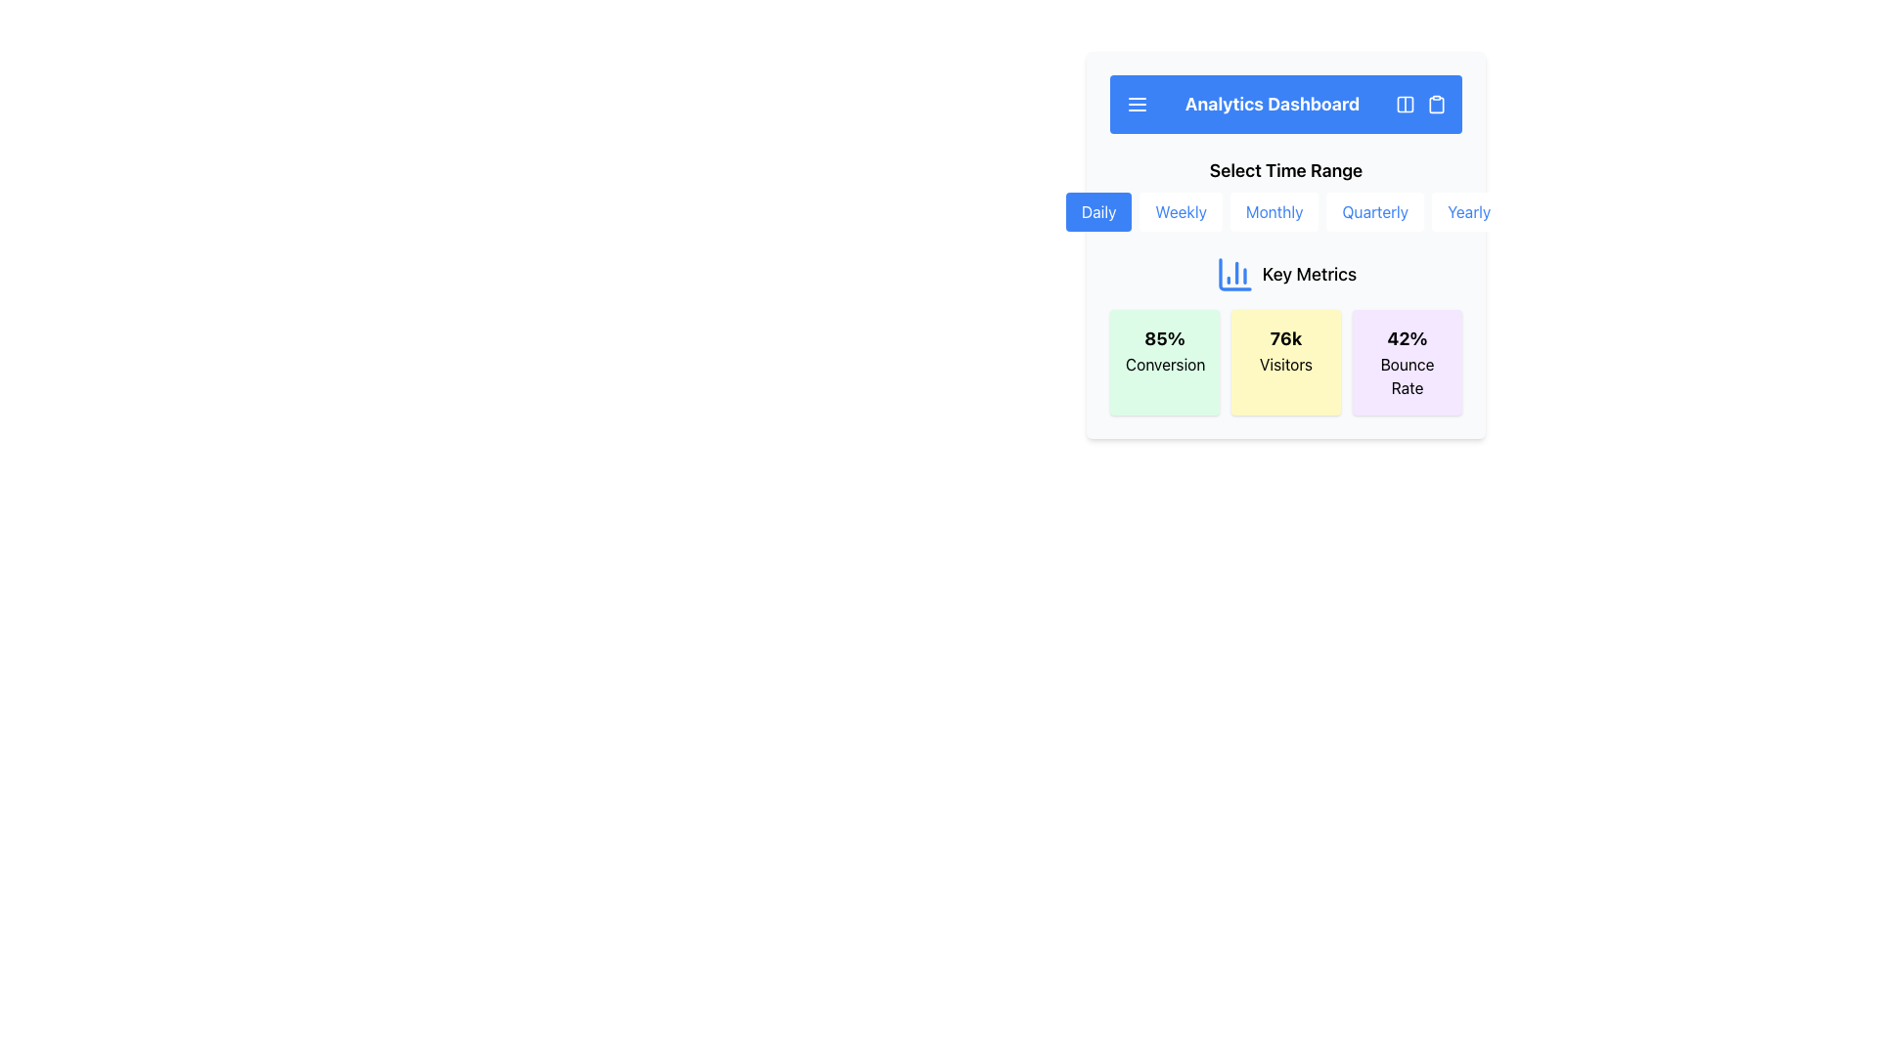 Image resolution: width=1878 pixels, height=1056 pixels. Describe the element at coordinates (1407, 362) in the screenshot. I see `the Informational Card that displays '42%' and 'Bounce Rate', which is a purple box located in the bottom-right position of the grid` at that location.